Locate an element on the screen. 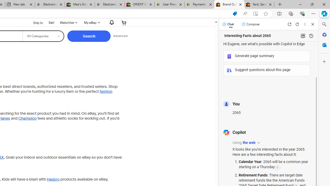  'My eBayExpand My eBay' is located at coordinates (92, 22).